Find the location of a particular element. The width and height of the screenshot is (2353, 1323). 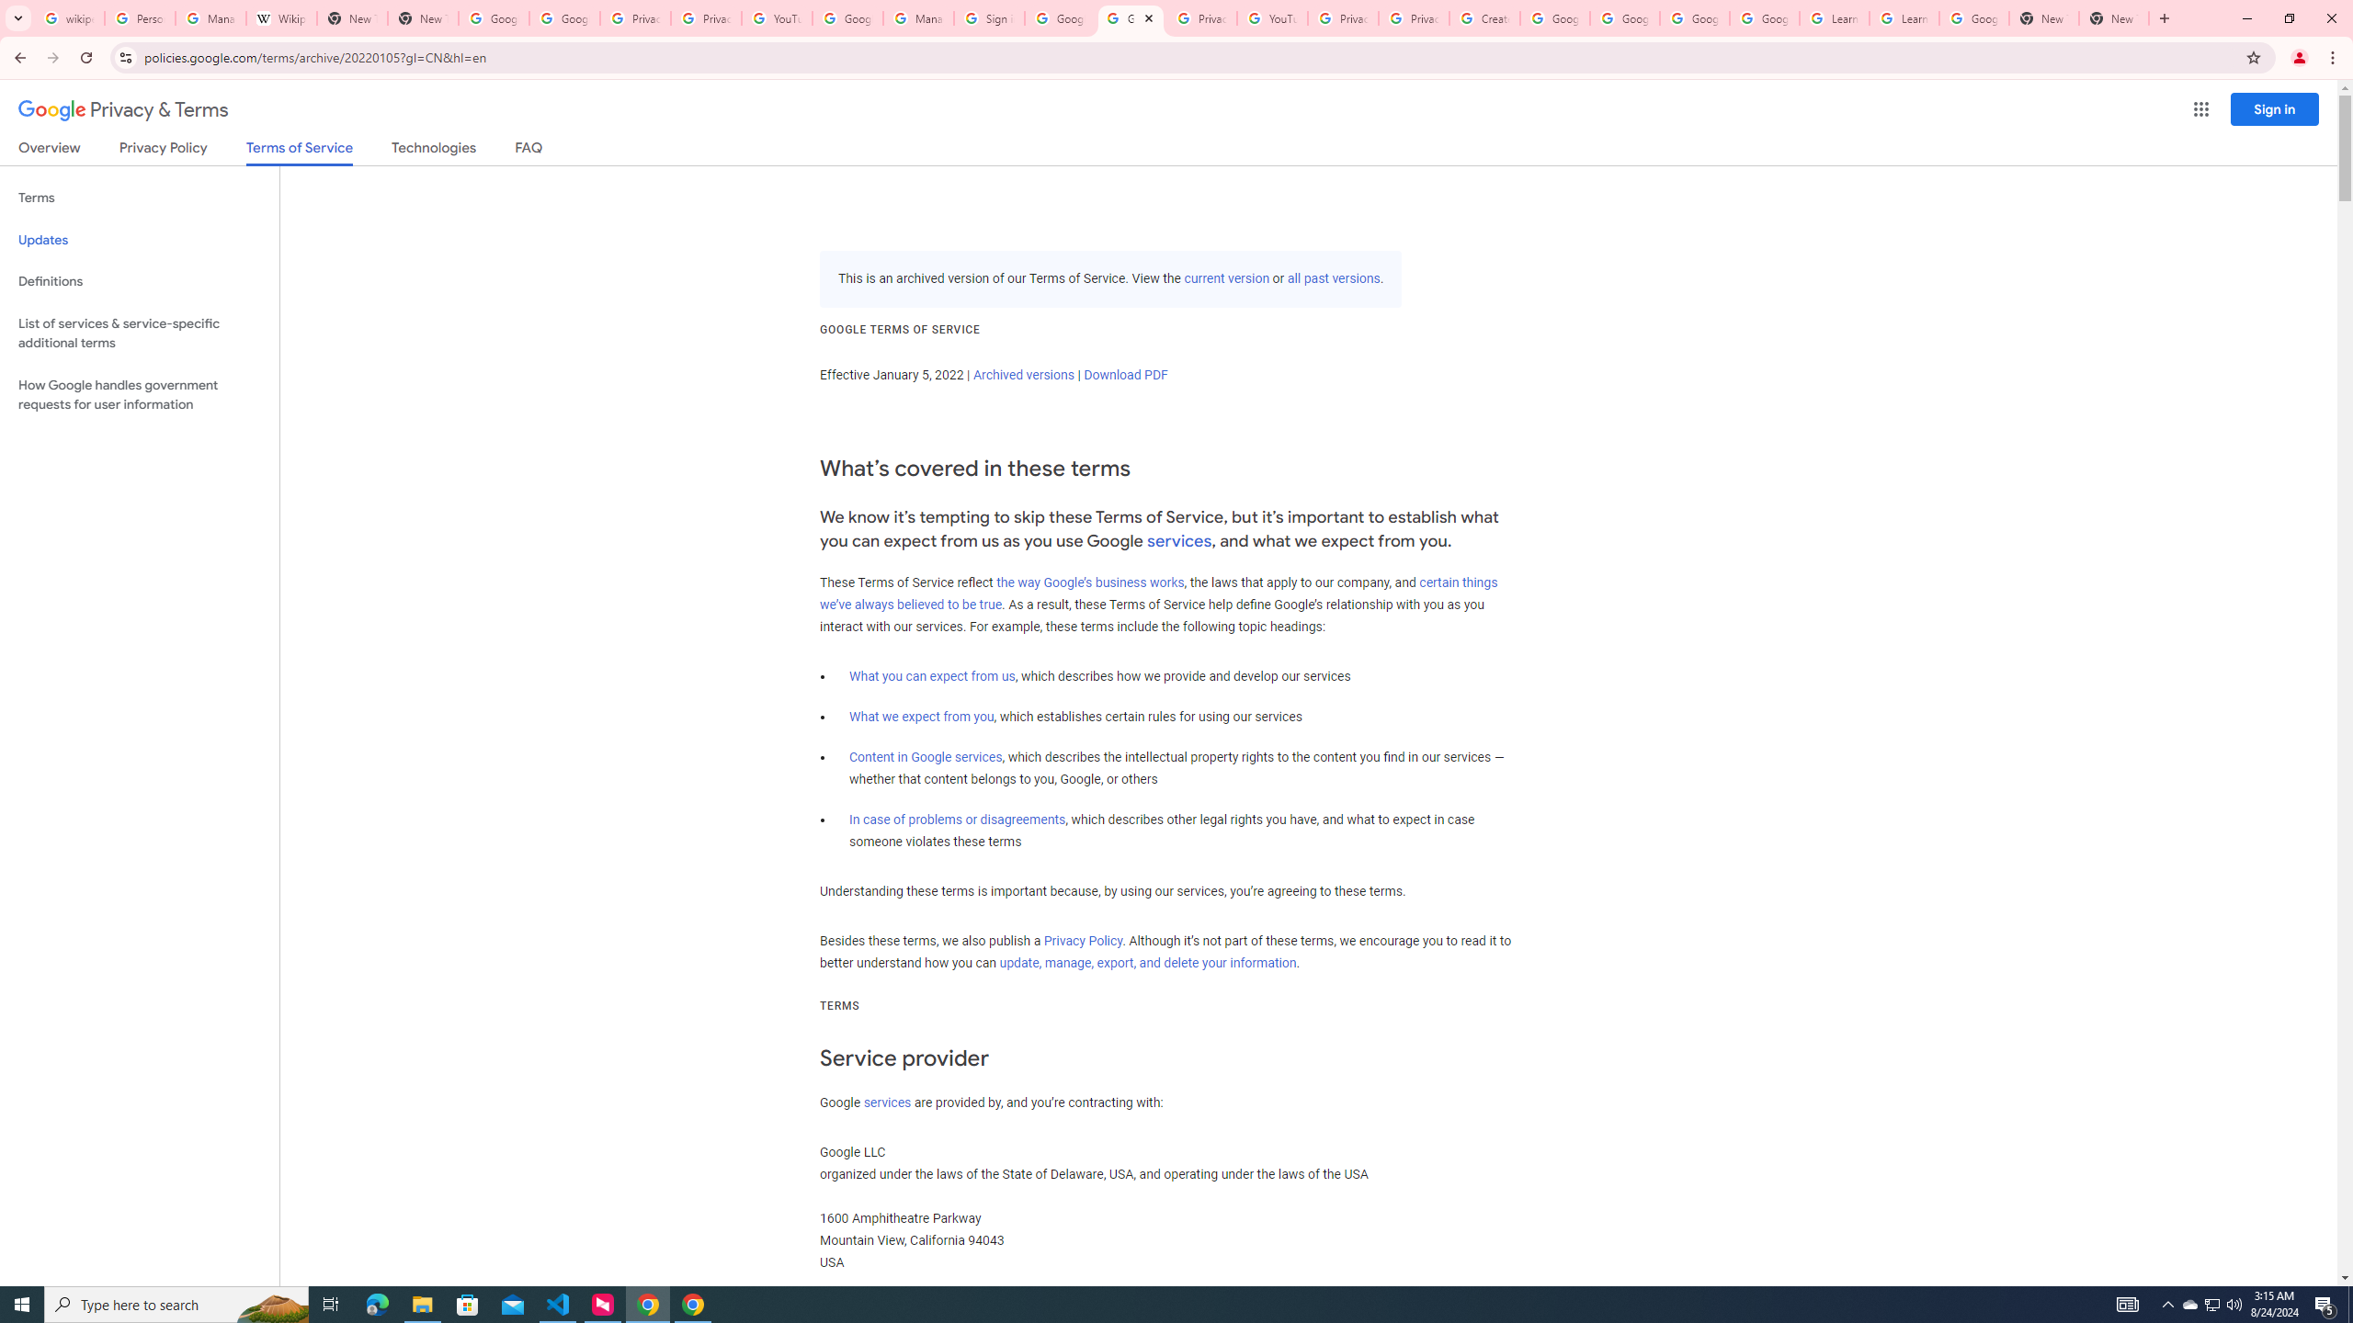

'update, manage, export, and delete your information' is located at coordinates (1147, 963).